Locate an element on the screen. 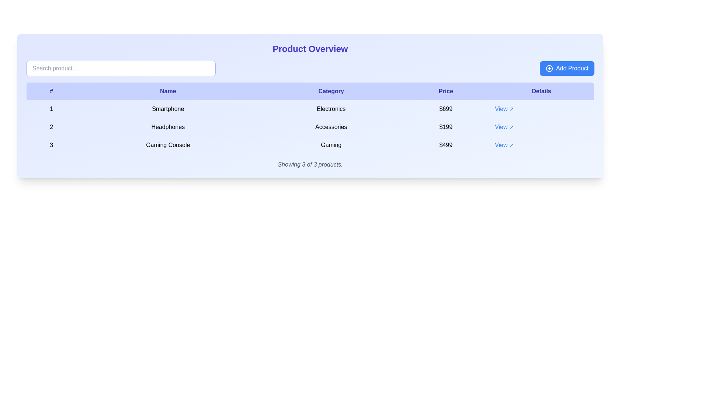  the bolded, centered hash symbol ('#') in the header row of the table, which is the first column and has a dark blue font on a light blue background is located at coordinates (51, 91).